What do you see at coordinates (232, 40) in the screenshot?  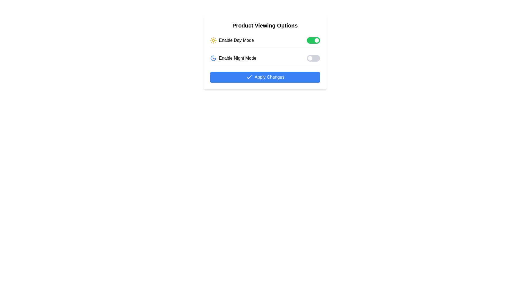 I see `the informative label for the toggle switch that activates day mode, which is positioned to the left of the toggle switch in the 'Product Viewing Options' section` at bounding box center [232, 40].